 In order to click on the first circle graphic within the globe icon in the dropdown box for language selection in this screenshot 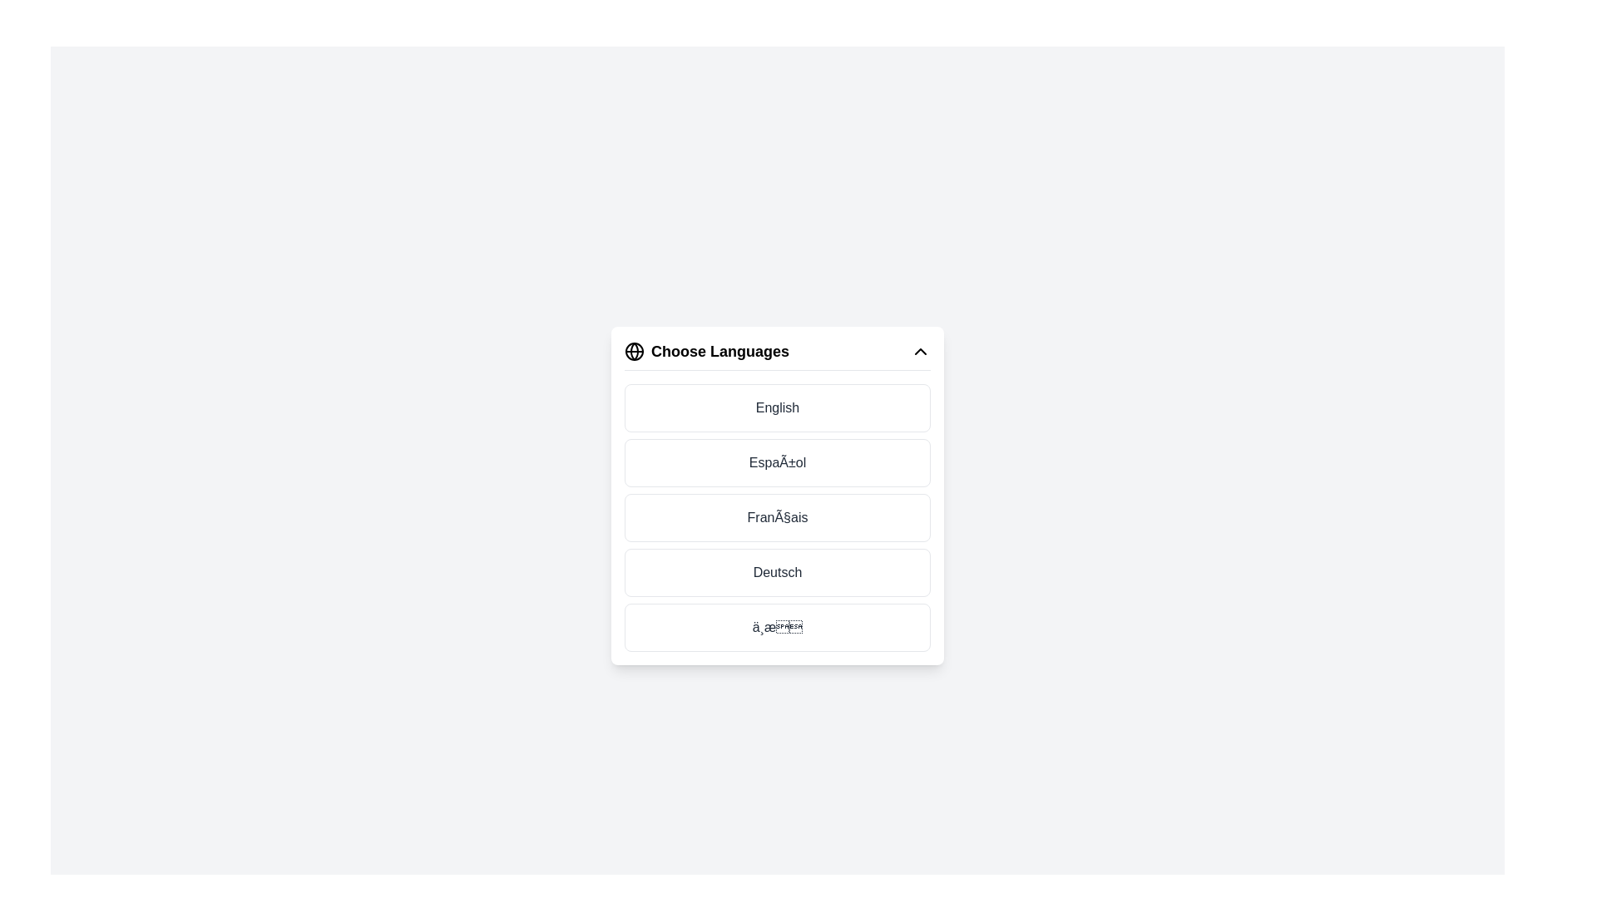, I will do `click(634, 350)`.